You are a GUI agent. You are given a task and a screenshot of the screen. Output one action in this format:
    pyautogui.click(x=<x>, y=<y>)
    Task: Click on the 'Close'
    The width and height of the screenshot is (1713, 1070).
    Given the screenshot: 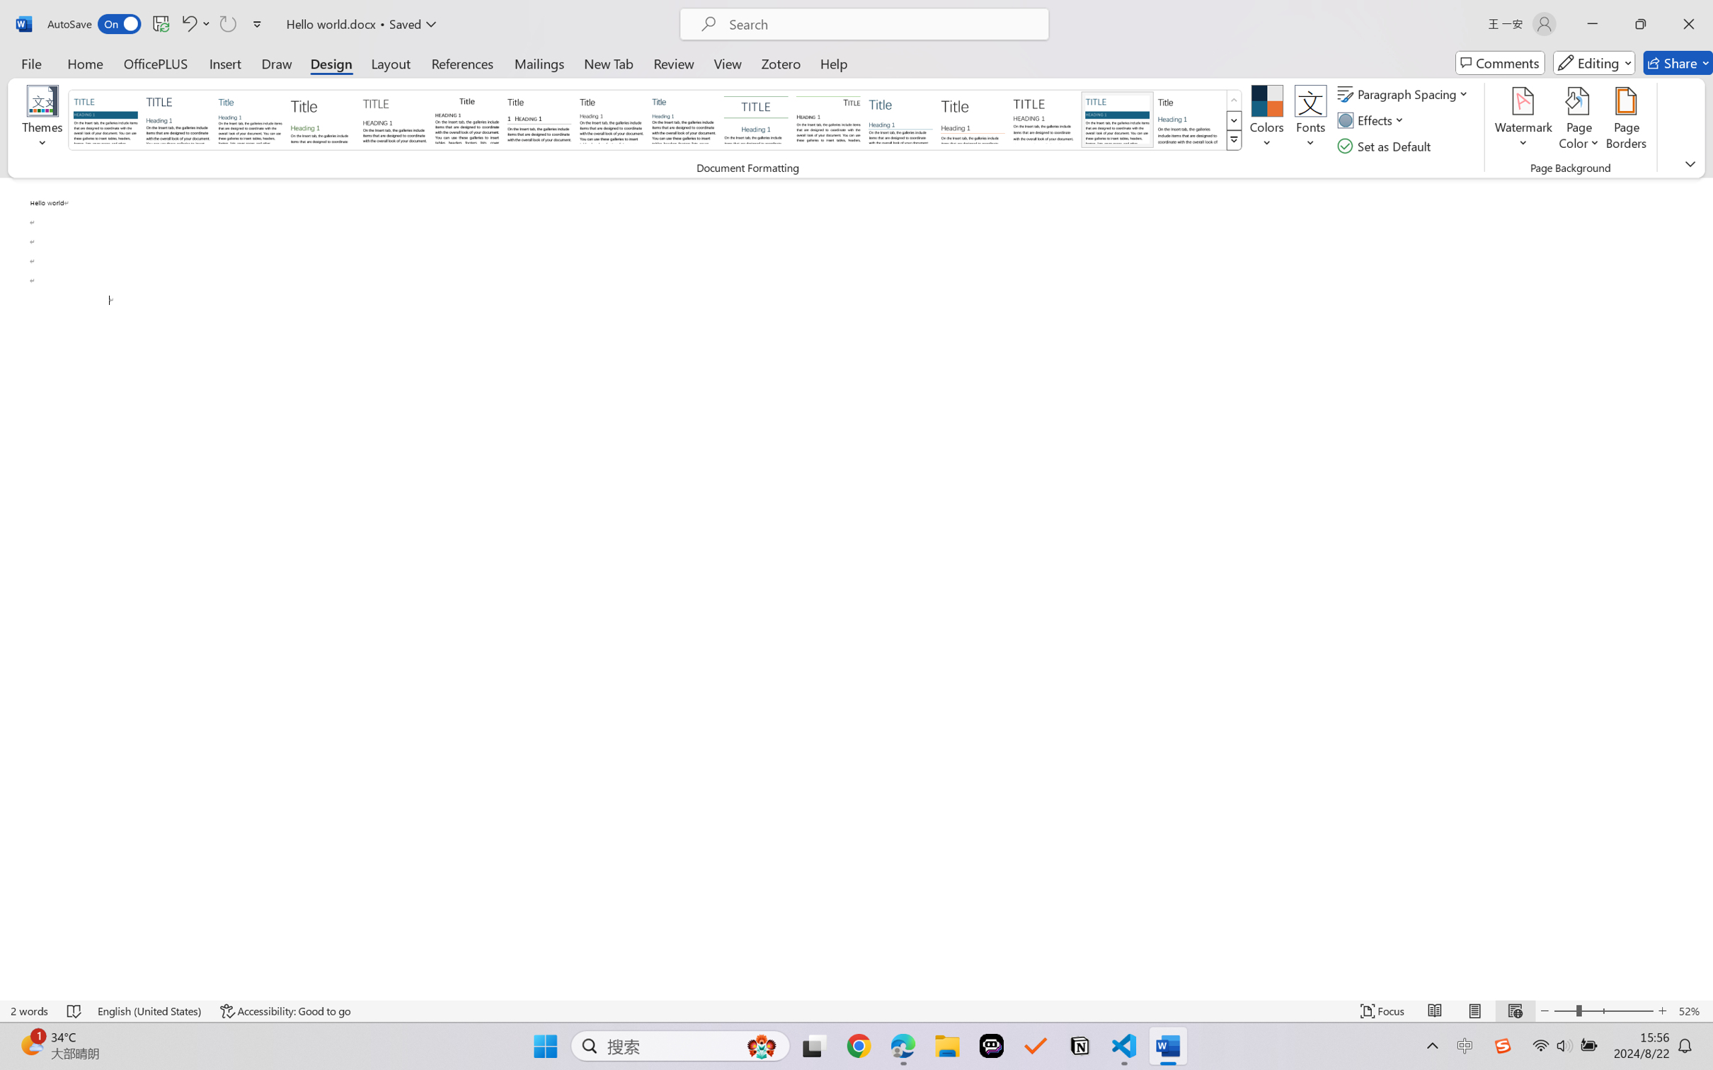 What is the action you would take?
    pyautogui.click(x=1688, y=23)
    